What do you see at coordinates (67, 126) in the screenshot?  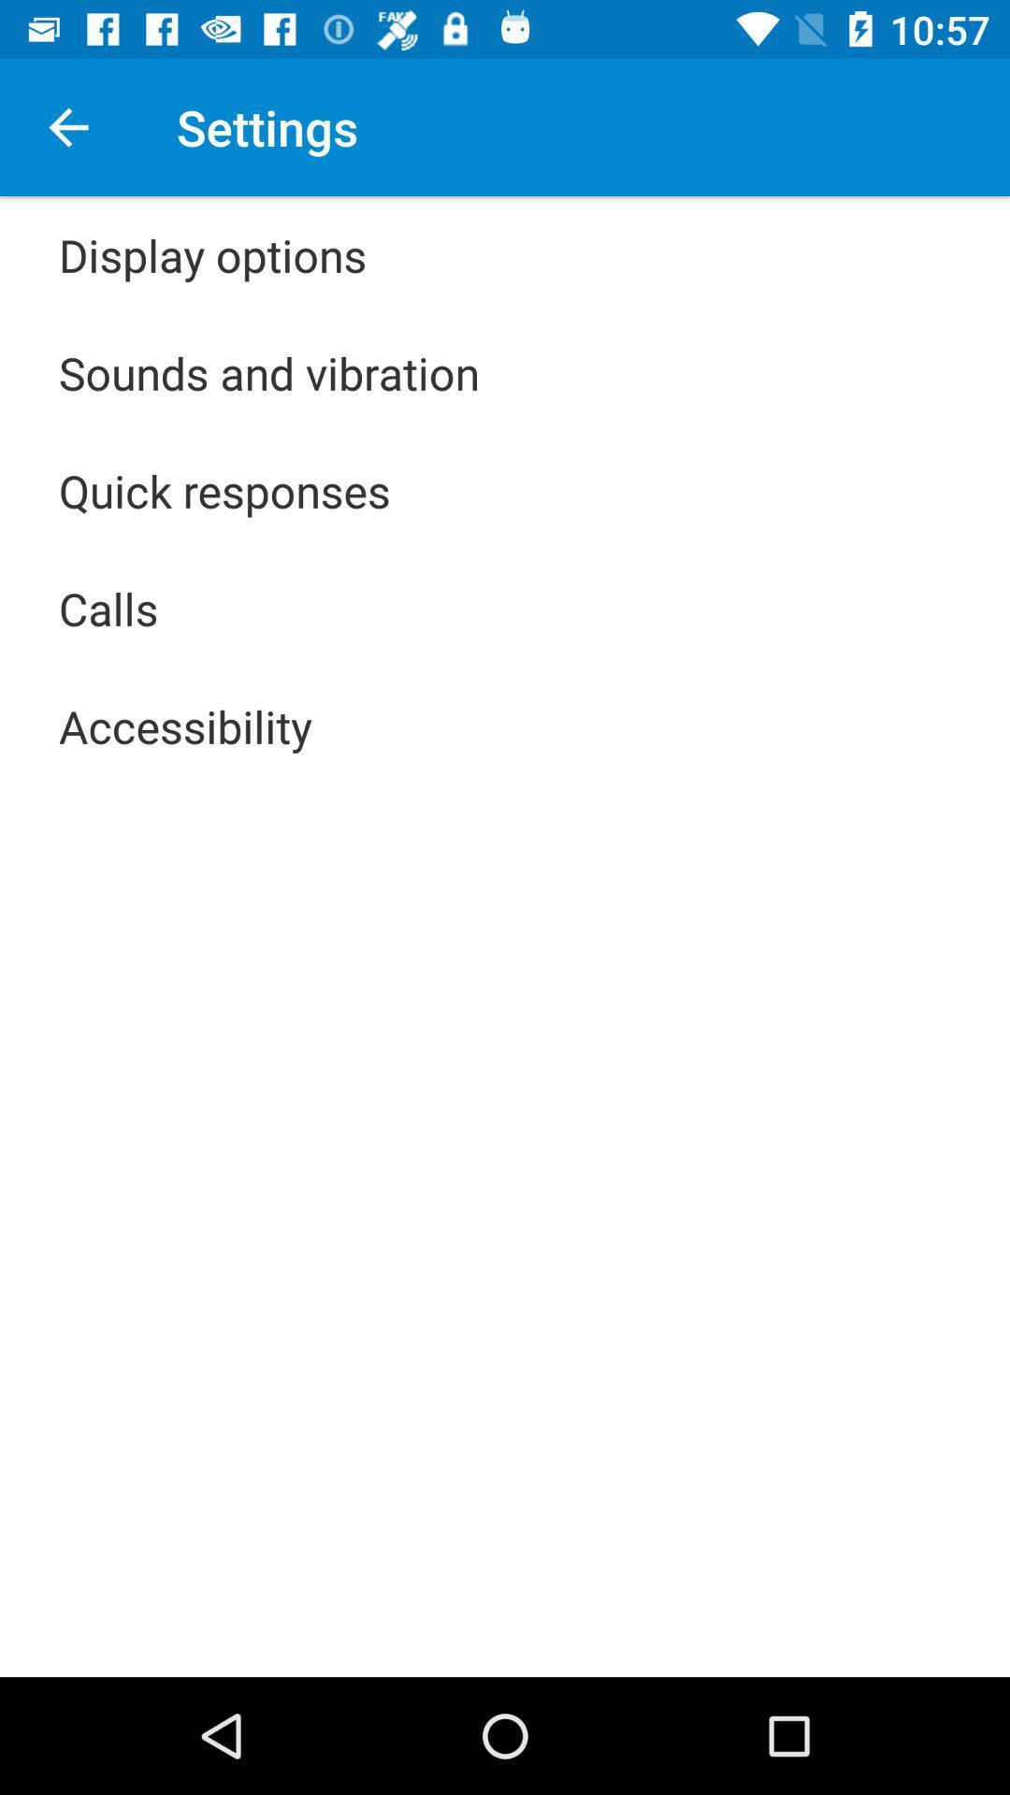 I see `the app to the left of the settings app` at bounding box center [67, 126].